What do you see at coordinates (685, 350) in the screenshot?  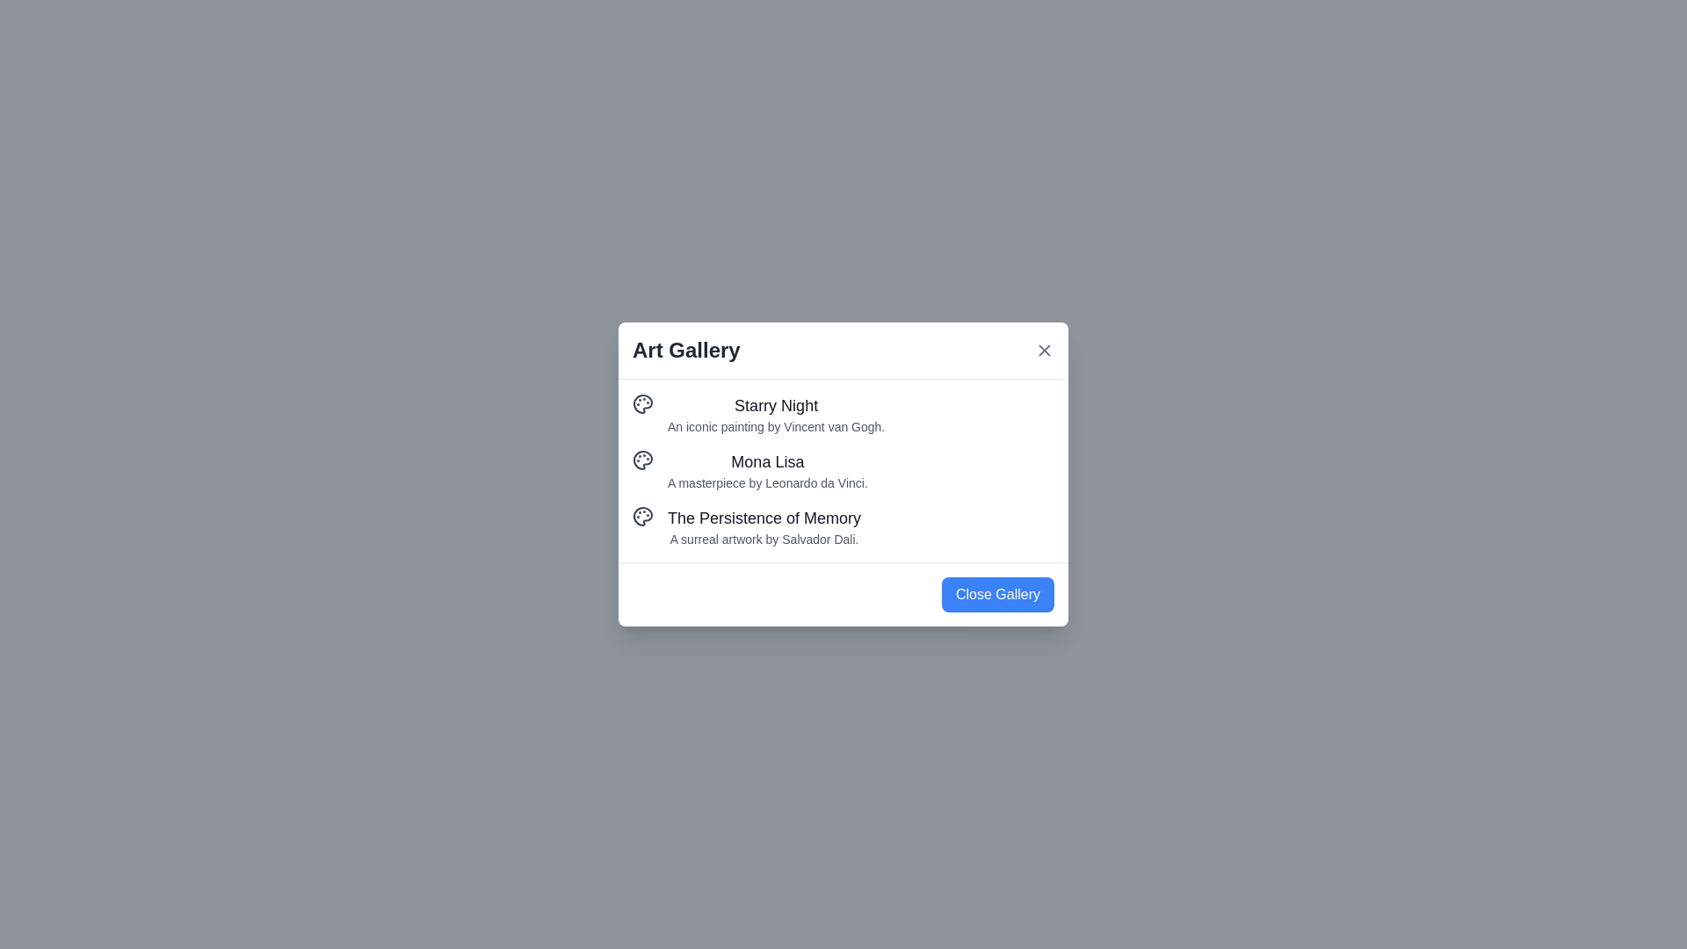 I see `the title text 'Art Gallery' displayed at the top of the dialog` at bounding box center [685, 350].